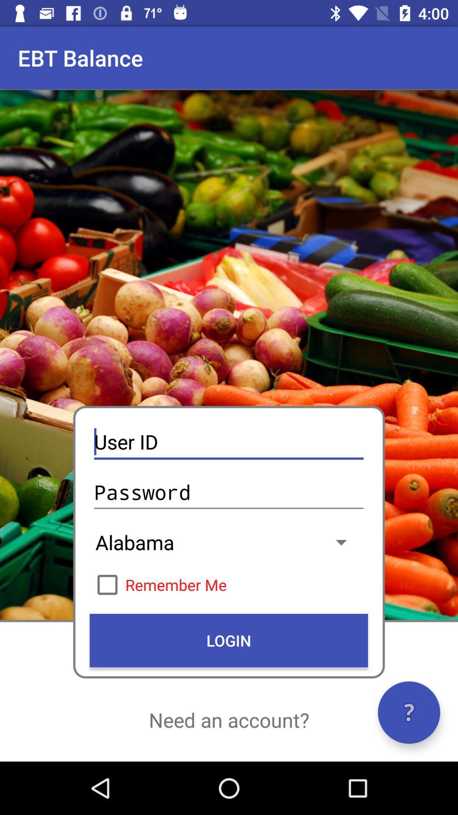 The image size is (458, 815). I want to click on icon below alabama item, so click(228, 584).